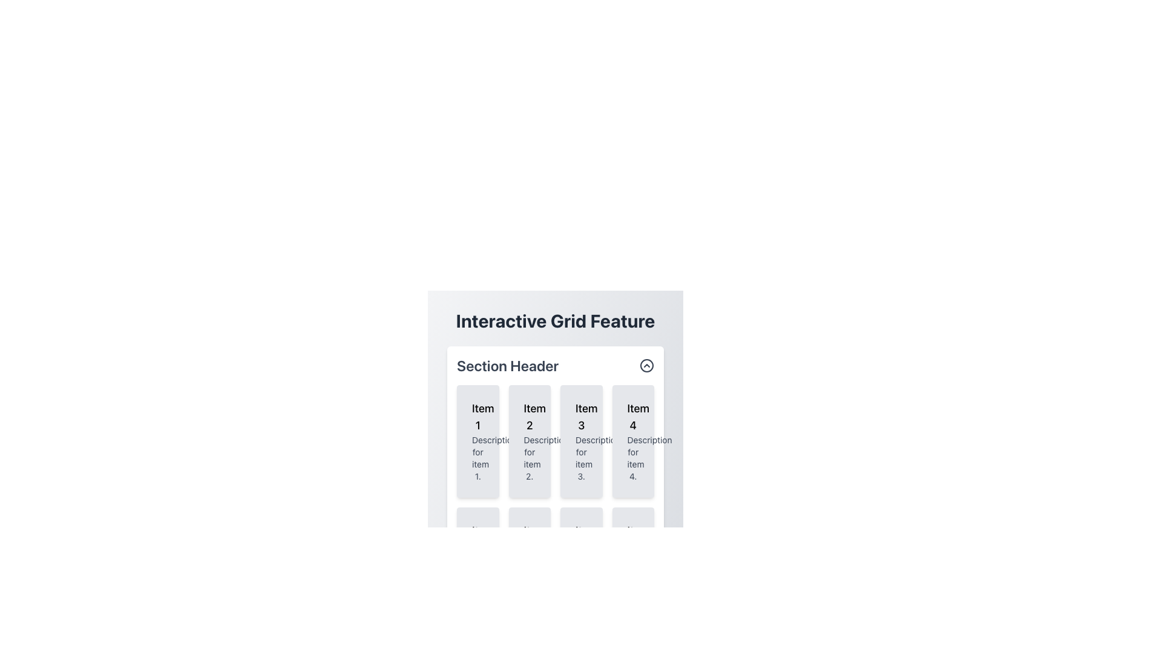 This screenshot has width=1162, height=654. Describe the element at coordinates (477, 458) in the screenshot. I see `the text snippet reading 'Description for item 1.' which is styled in a small gray font and is located below the title 'Item 1' within the first card of the grid layout under the 'Section Header'` at that location.